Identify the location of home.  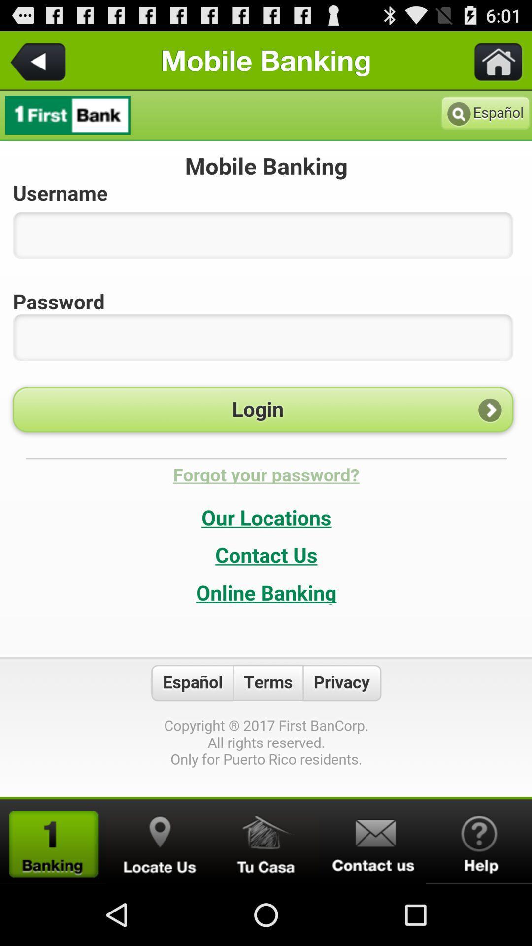
(492, 60).